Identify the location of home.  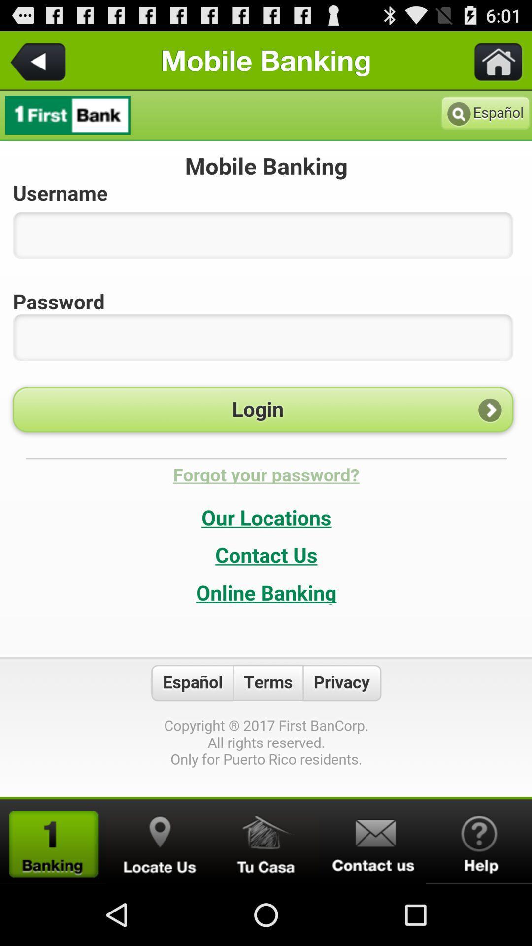
(492, 60).